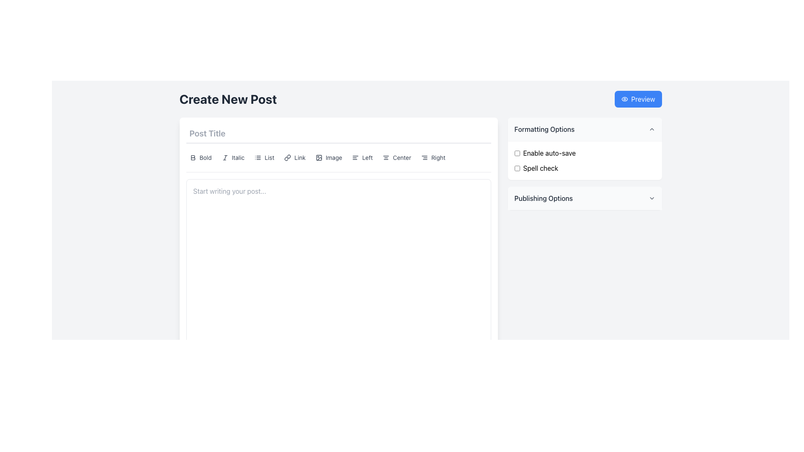 The width and height of the screenshot is (804, 452). I want to click on the 'Italic' button with an italicized 'I' icon, so click(233, 158).